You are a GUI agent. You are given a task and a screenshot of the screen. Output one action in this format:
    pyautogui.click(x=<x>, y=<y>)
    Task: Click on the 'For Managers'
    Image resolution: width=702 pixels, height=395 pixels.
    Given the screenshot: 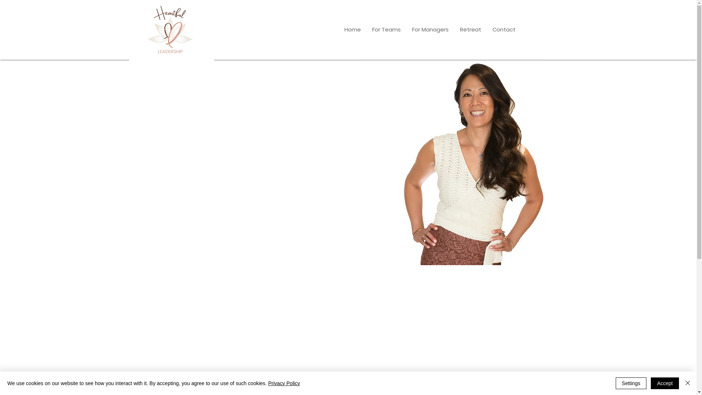 What is the action you would take?
    pyautogui.click(x=405, y=29)
    